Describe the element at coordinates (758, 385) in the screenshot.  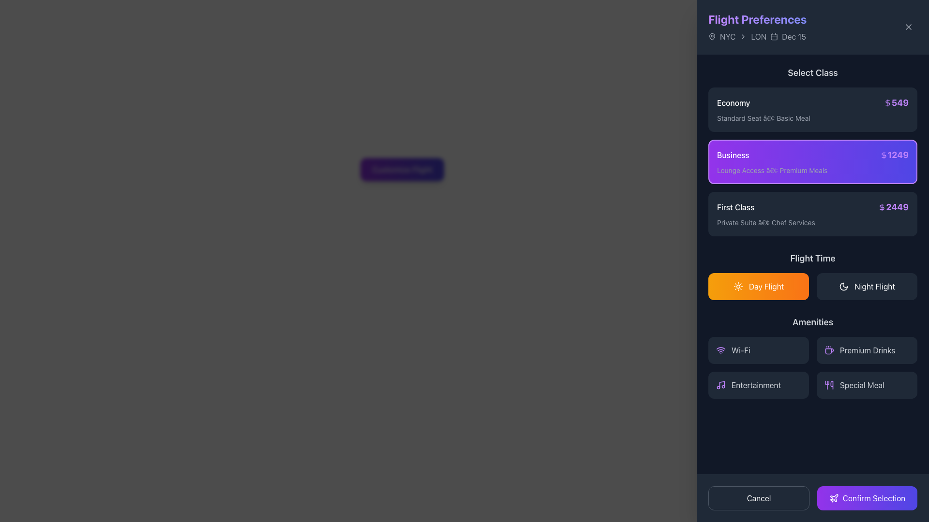
I see `the 'Entertainment' button located in the 'Amenities' section at the bottom right of the interface, positioned to the left of the 'Special Meal' button and below the 'Wi-Fi' button` at that location.